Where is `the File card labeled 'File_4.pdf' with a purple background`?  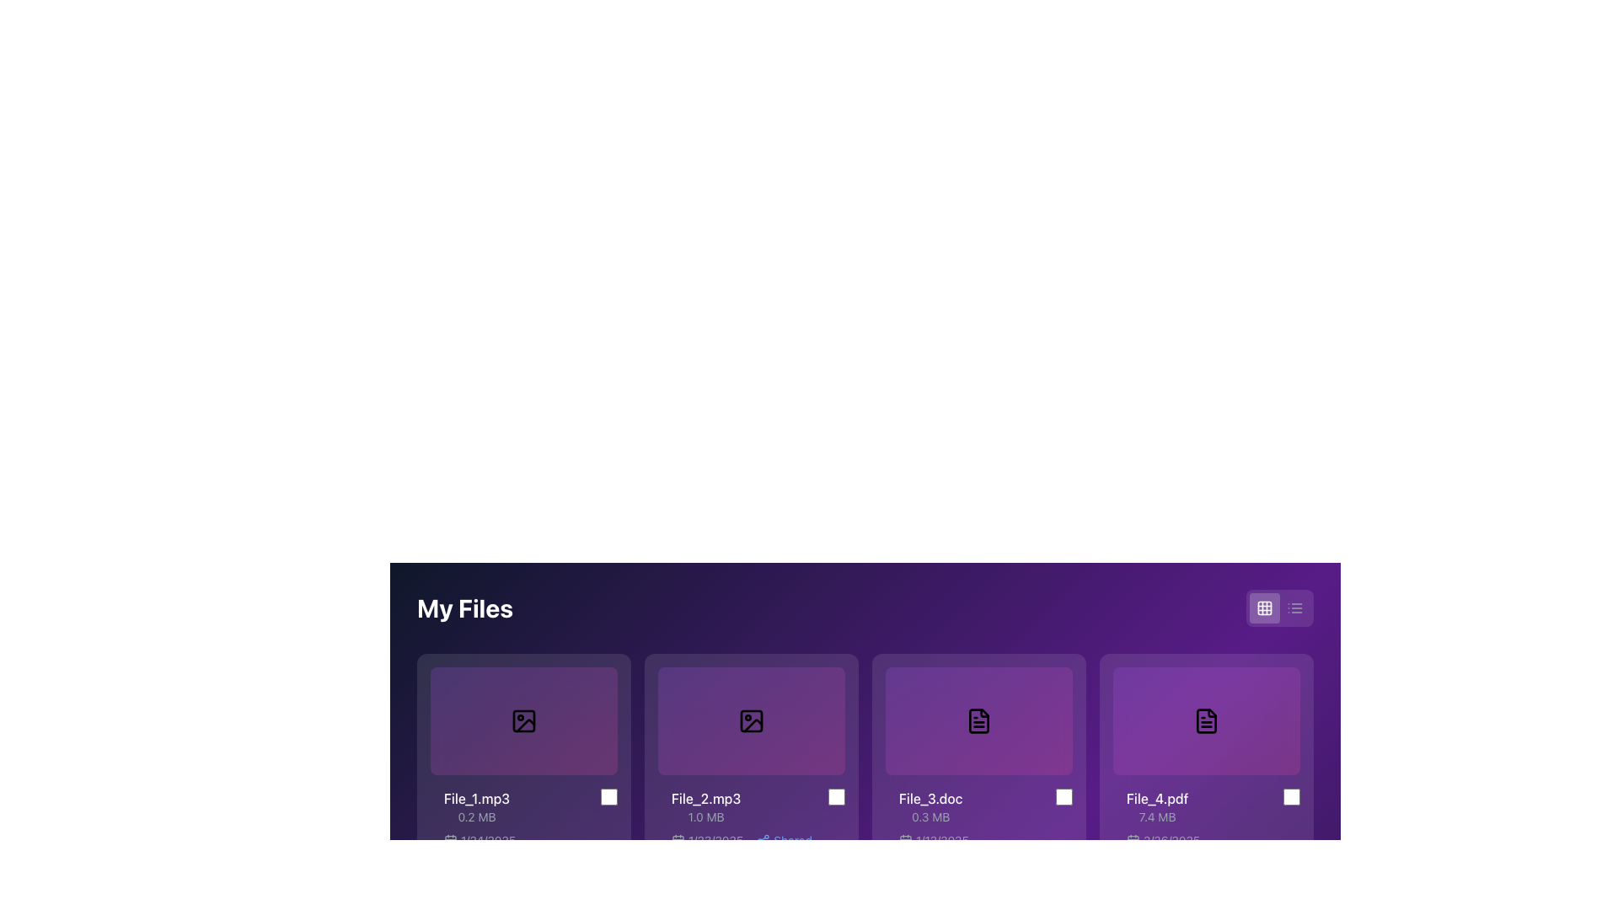 the File card labeled 'File_4.pdf' with a purple background is located at coordinates (1205, 757).